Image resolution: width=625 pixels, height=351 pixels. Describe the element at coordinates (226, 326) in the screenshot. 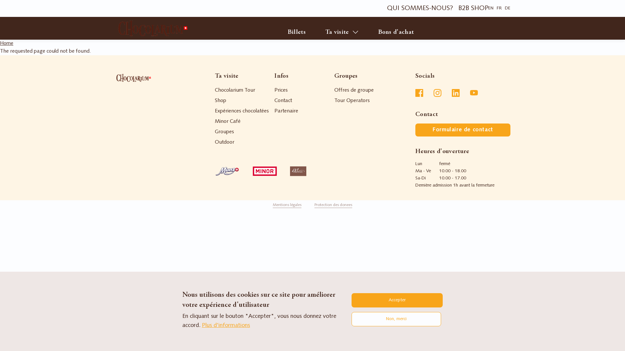

I see `'Plus d'informations'` at that location.